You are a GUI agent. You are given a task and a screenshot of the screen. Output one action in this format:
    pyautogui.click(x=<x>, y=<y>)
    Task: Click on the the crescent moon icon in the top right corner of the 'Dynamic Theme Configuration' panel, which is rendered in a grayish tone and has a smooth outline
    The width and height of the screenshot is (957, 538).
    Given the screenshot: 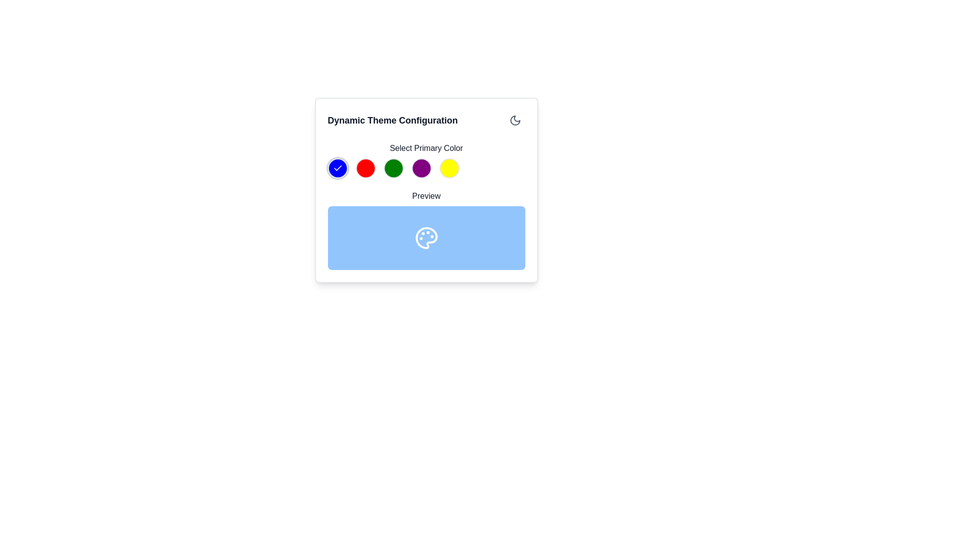 What is the action you would take?
    pyautogui.click(x=515, y=120)
    